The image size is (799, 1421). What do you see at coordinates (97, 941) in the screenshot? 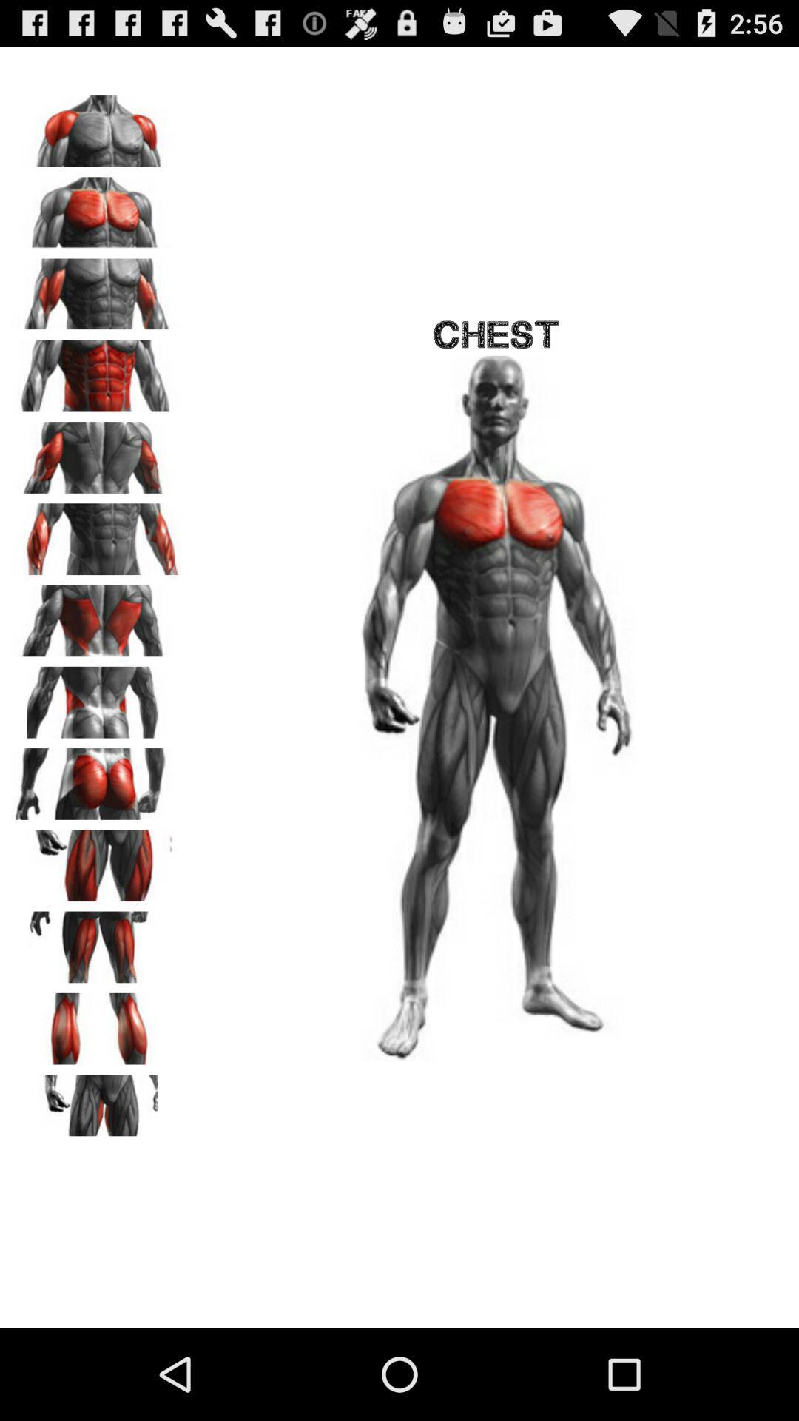
I see `show hamstrings` at bounding box center [97, 941].